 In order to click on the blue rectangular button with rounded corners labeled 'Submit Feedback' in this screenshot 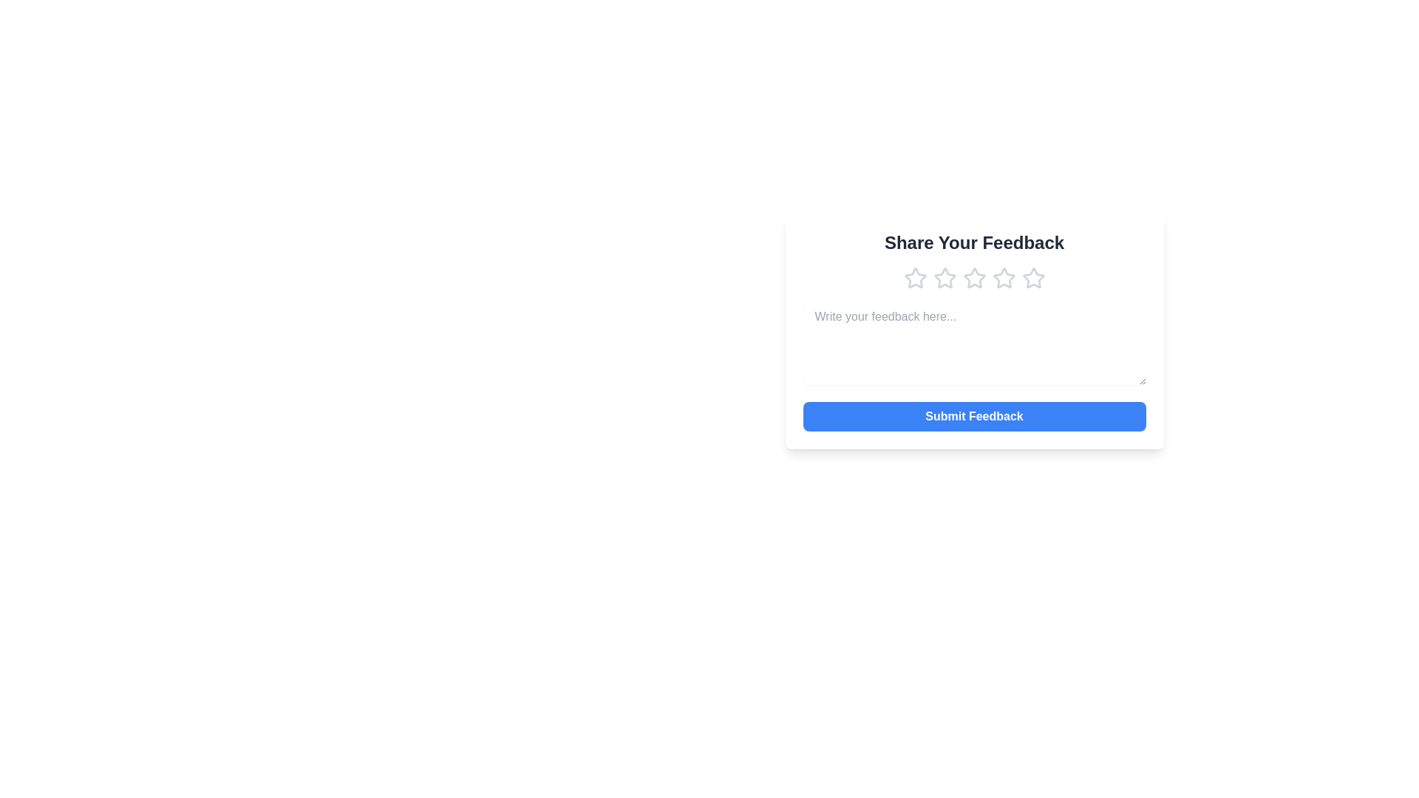, I will do `click(974, 416)`.